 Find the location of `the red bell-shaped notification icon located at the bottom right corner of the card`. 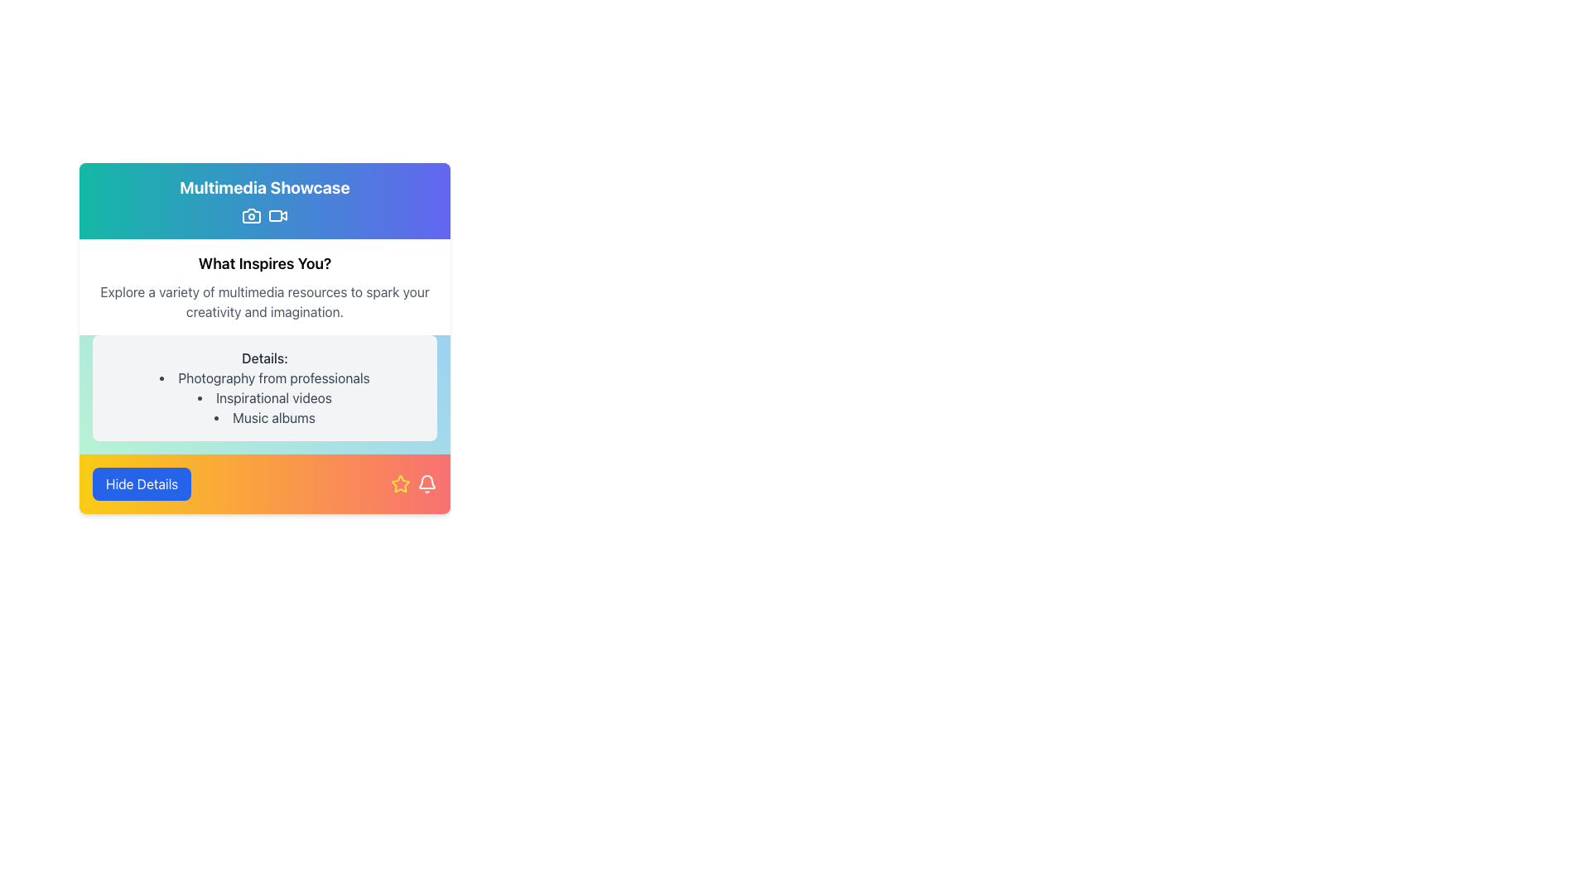

the red bell-shaped notification icon located at the bottom right corner of the card is located at coordinates (426, 484).